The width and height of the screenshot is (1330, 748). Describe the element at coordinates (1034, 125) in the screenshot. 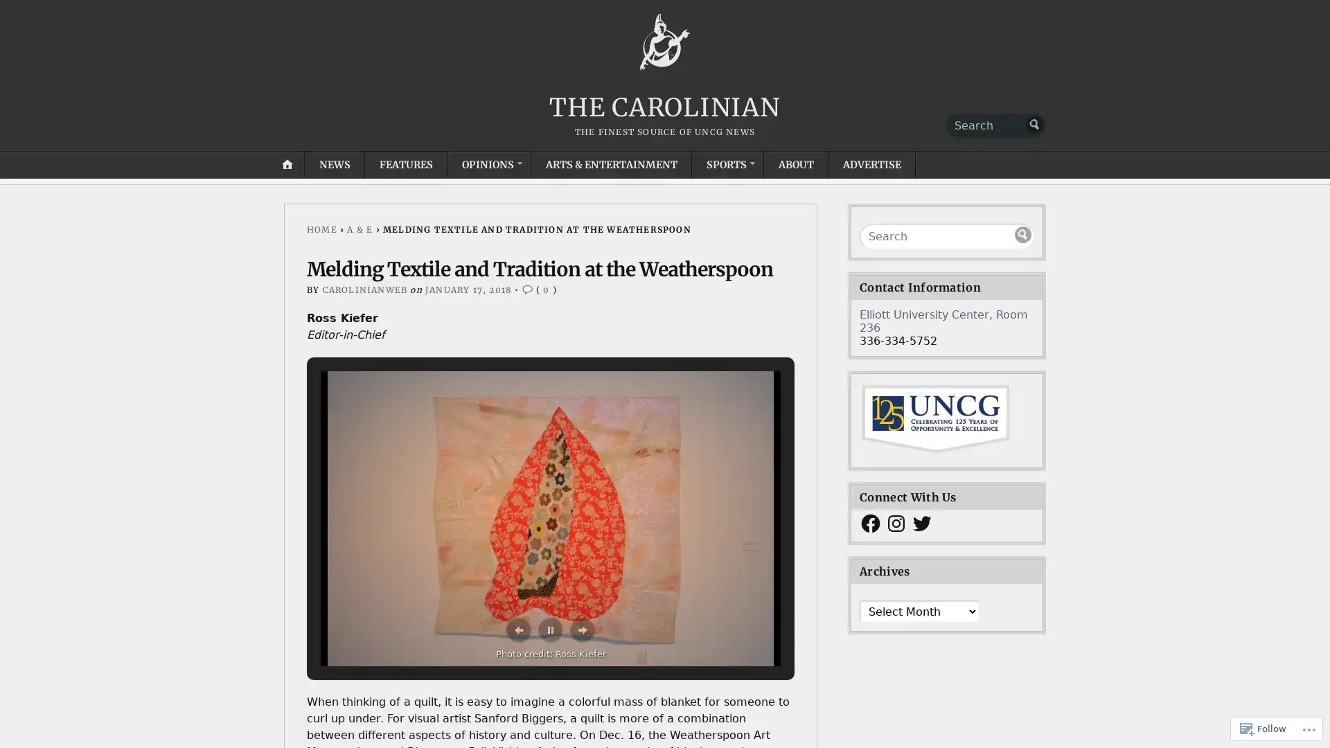

I see `Submit` at that location.